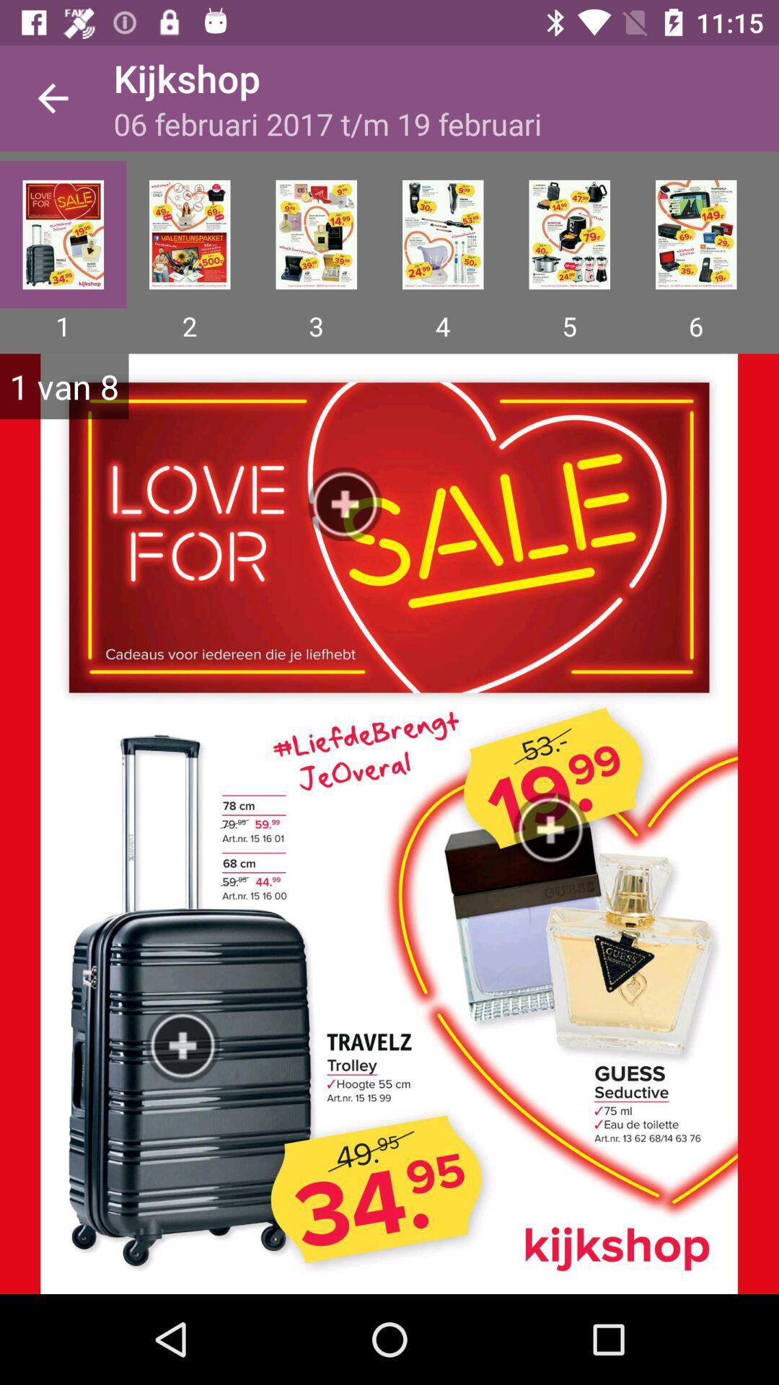 Image resolution: width=779 pixels, height=1385 pixels. I want to click on second page of the offer sale, so click(189, 234).